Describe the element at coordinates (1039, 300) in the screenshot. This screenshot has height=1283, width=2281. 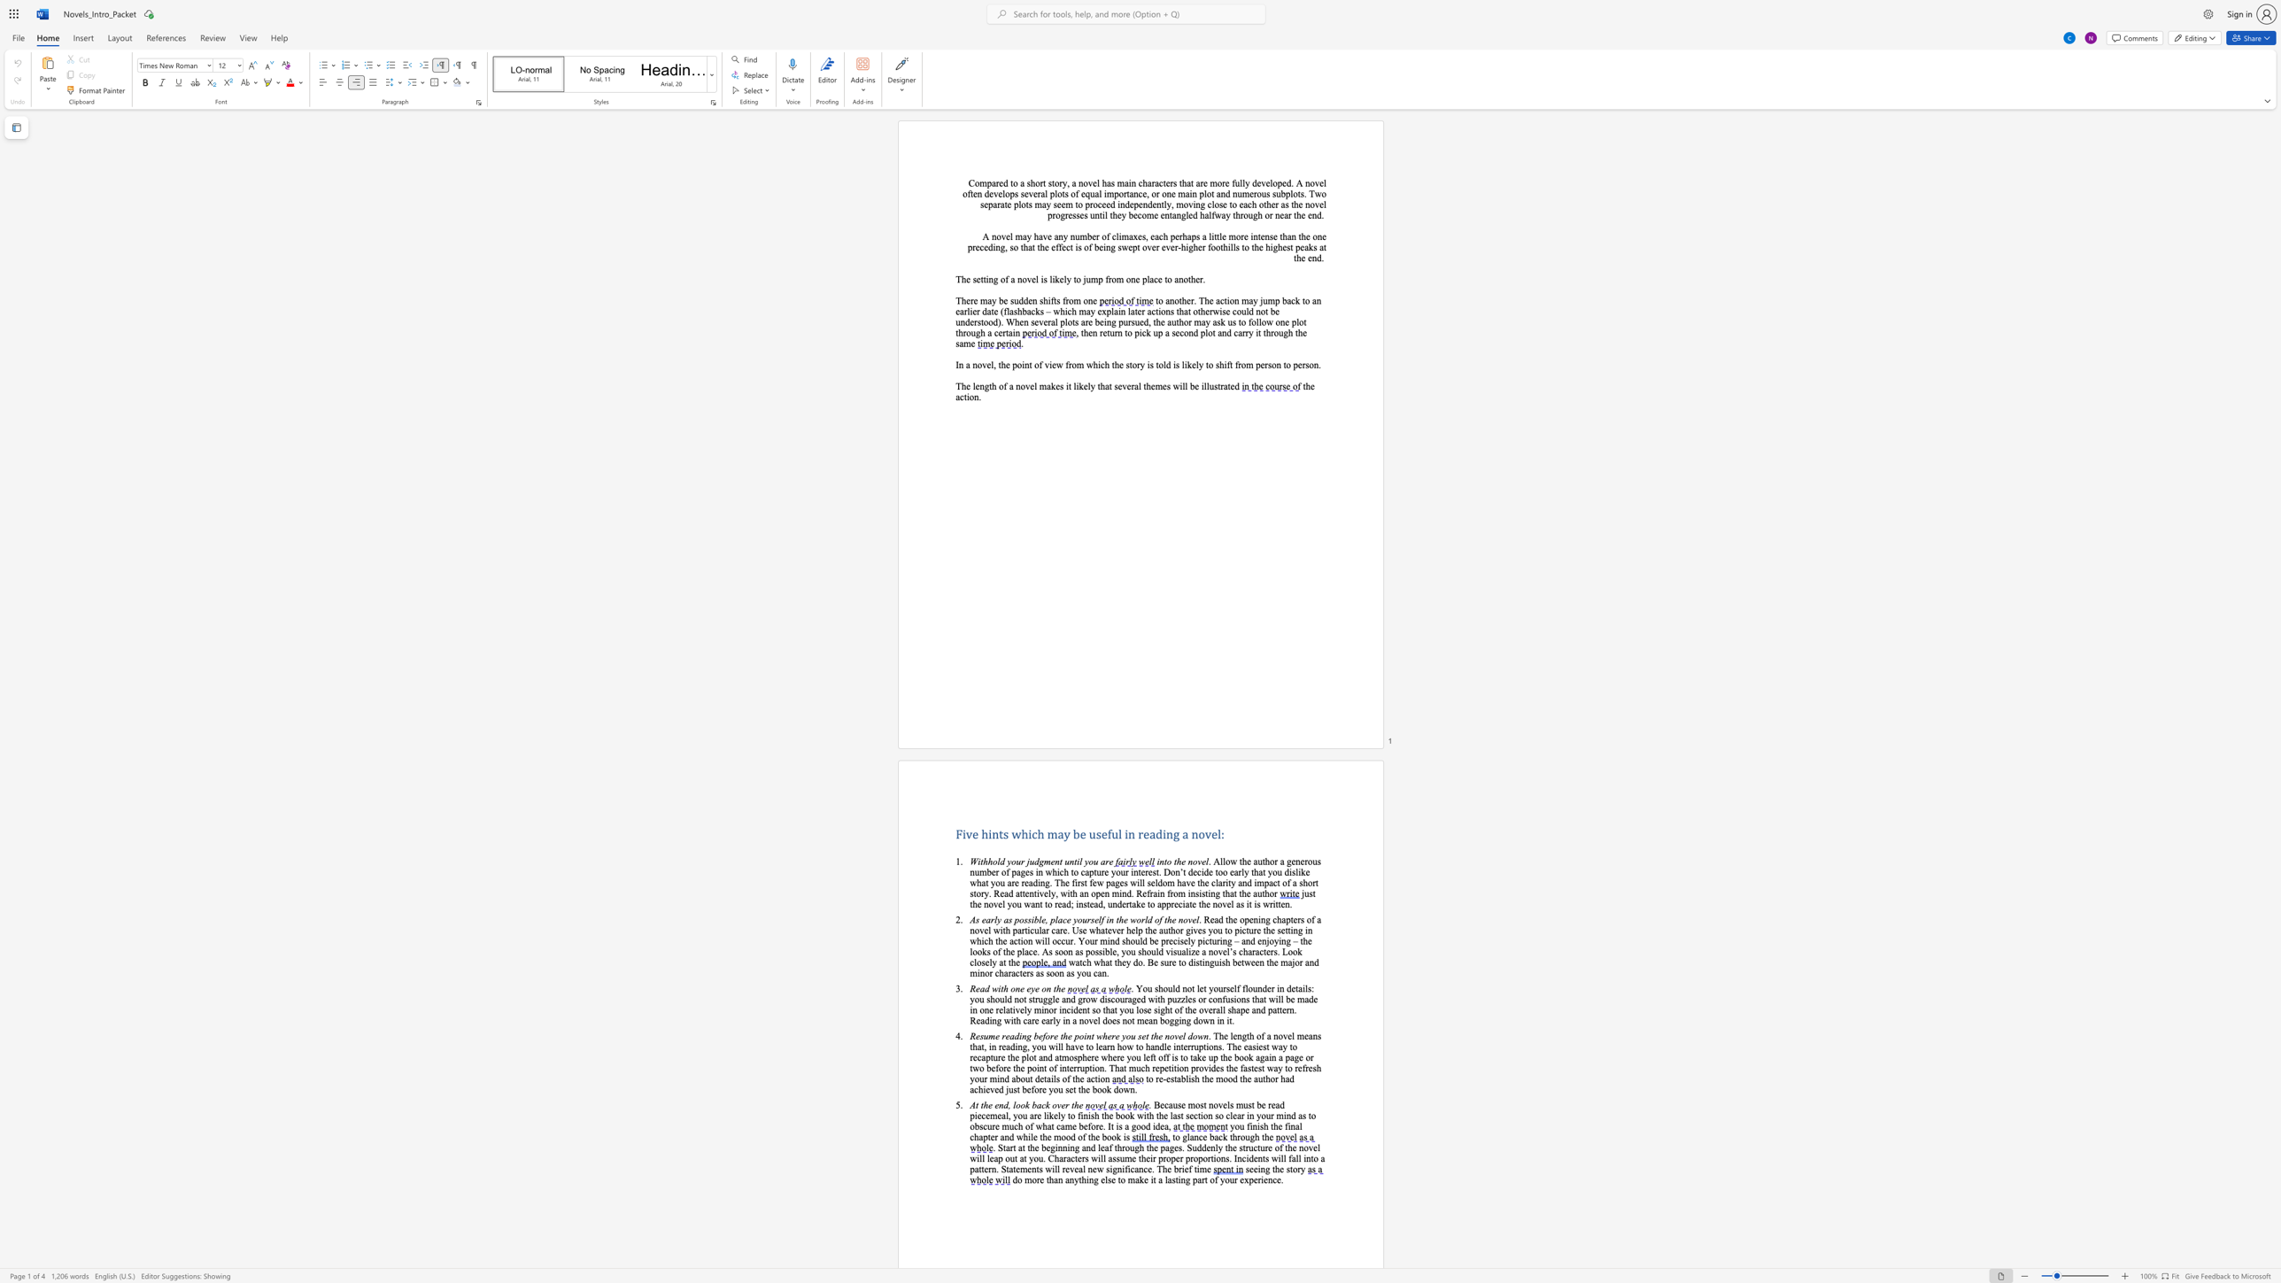
I see `the subset text "shifts from on" within the text "There may be sudden shifts from one"` at that location.